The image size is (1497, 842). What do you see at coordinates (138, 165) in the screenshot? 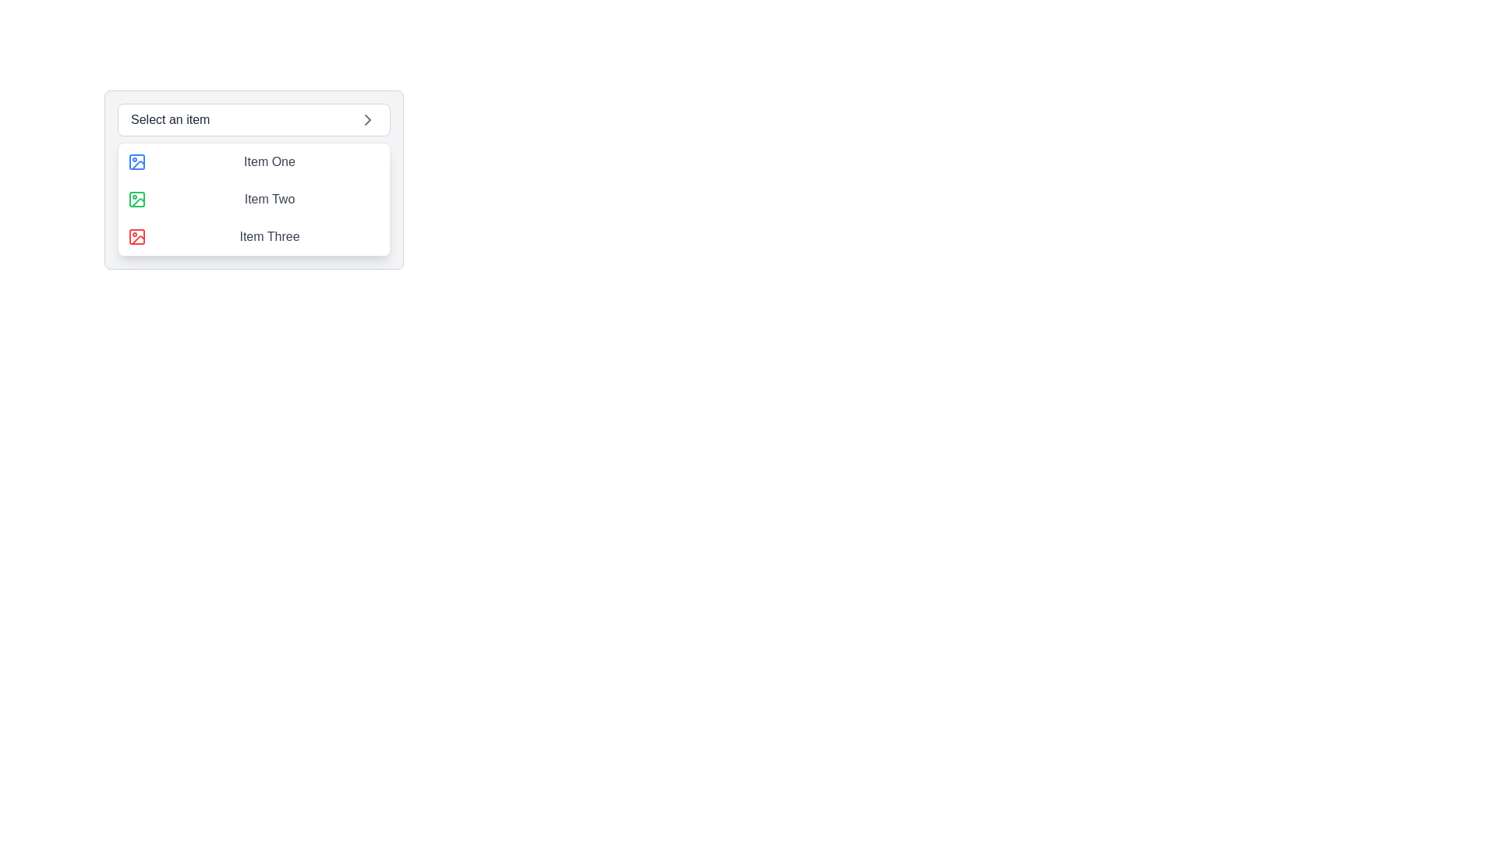
I see `the blue graphical icon located within the dropdown menu to the left of the label 'Item One'` at bounding box center [138, 165].